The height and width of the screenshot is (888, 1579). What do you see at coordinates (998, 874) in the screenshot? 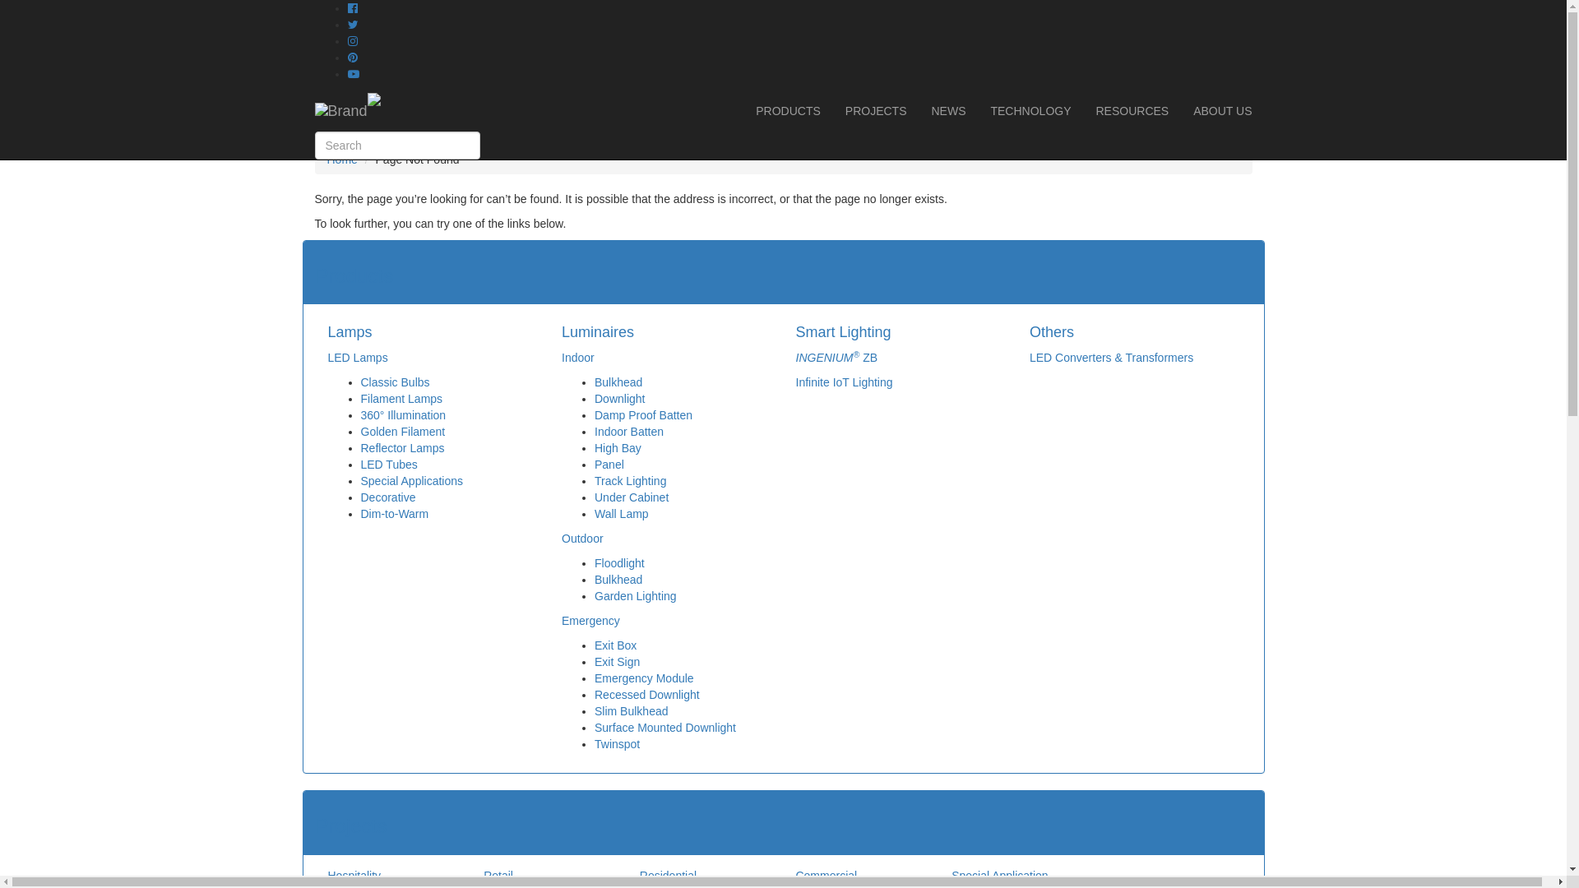
I see `'Special Application'` at bounding box center [998, 874].